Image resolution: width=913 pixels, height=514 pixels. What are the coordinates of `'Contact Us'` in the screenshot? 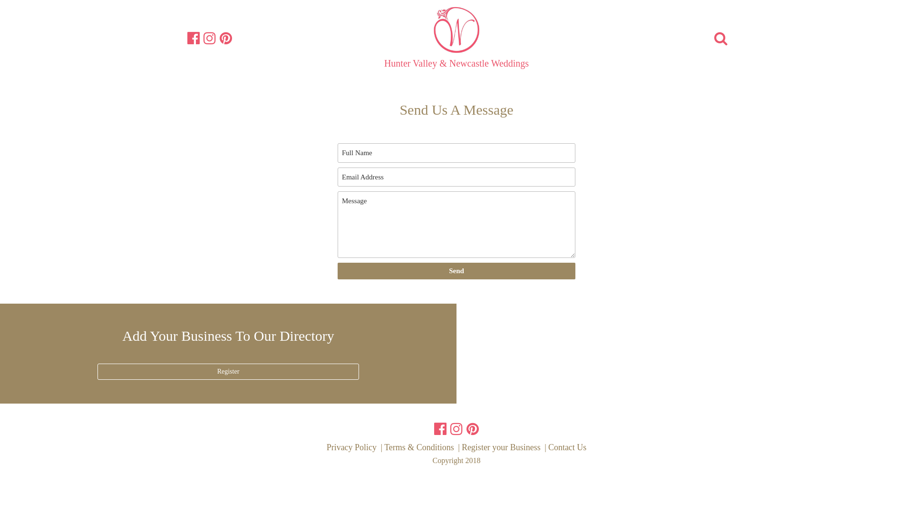 It's located at (567, 447).